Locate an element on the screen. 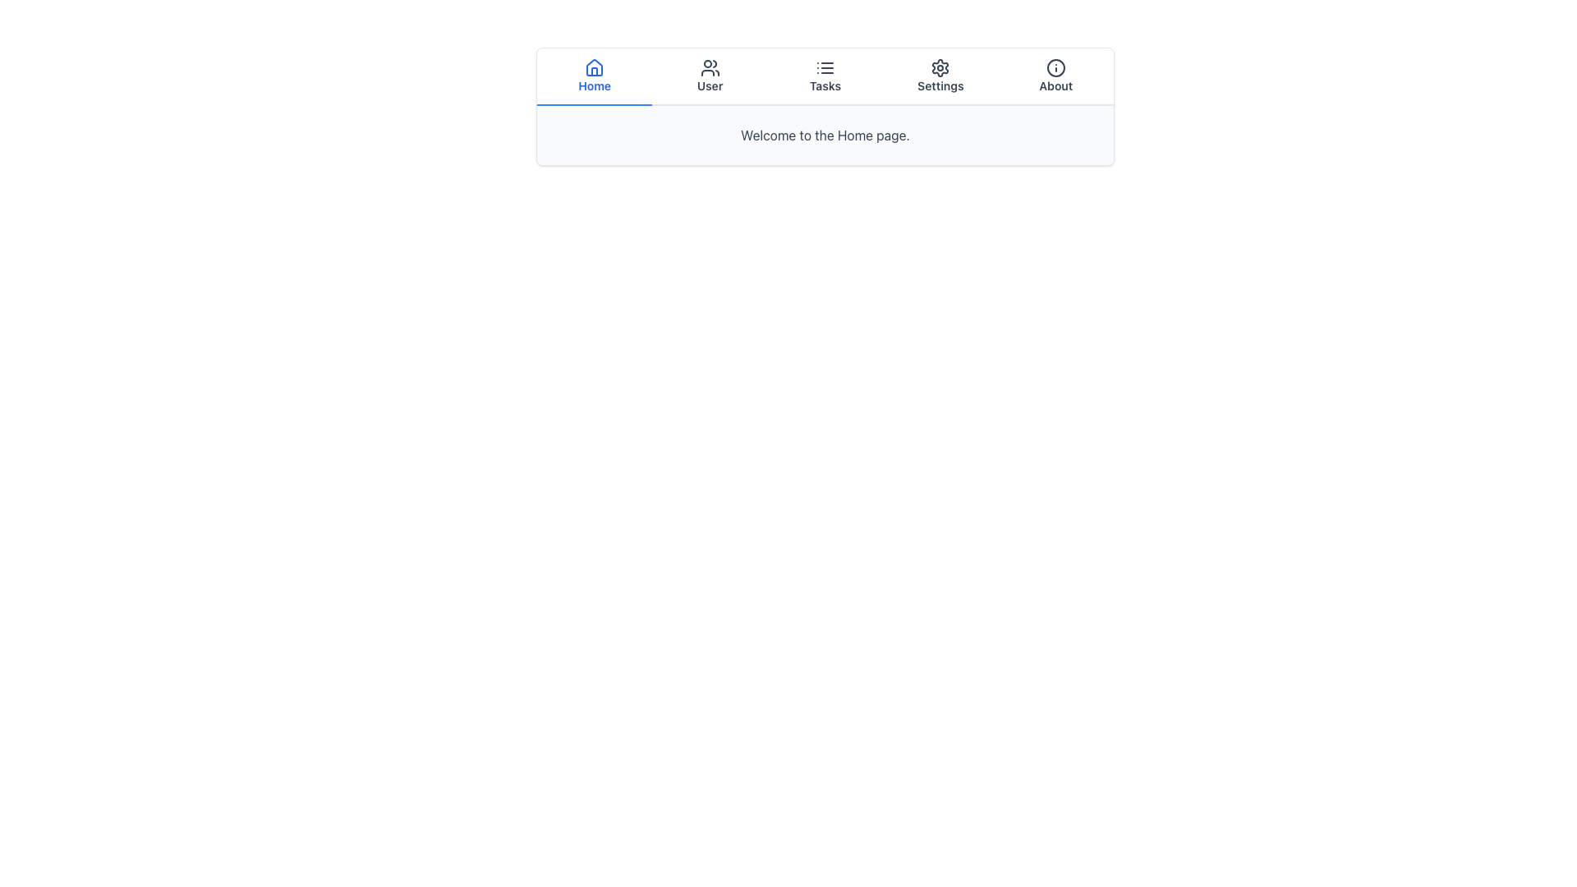 The width and height of the screenshot is (1577, 887). the decorative circular element of the 'info' icon located in the navigation bar at the top right associated with the 'About' section is located at coordinates (1055, 67).